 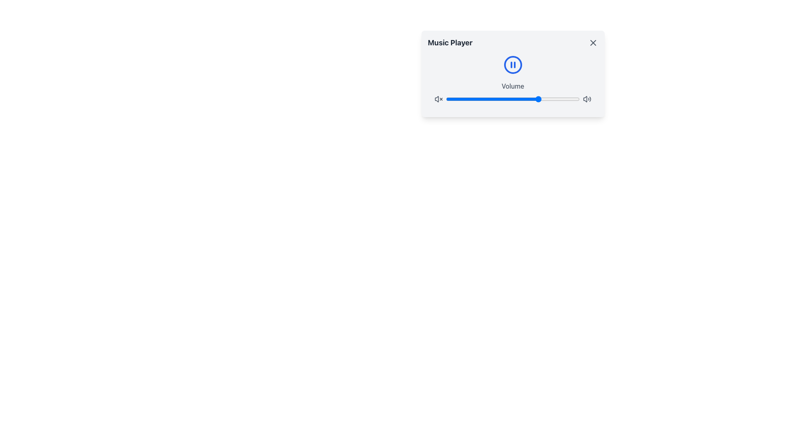 I want to click on the muted speaker icon, so click(x=438, y=99).